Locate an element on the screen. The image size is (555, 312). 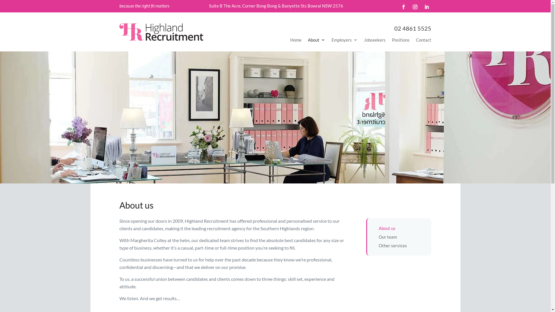
'Positions' is located at coordinates (400, 41).